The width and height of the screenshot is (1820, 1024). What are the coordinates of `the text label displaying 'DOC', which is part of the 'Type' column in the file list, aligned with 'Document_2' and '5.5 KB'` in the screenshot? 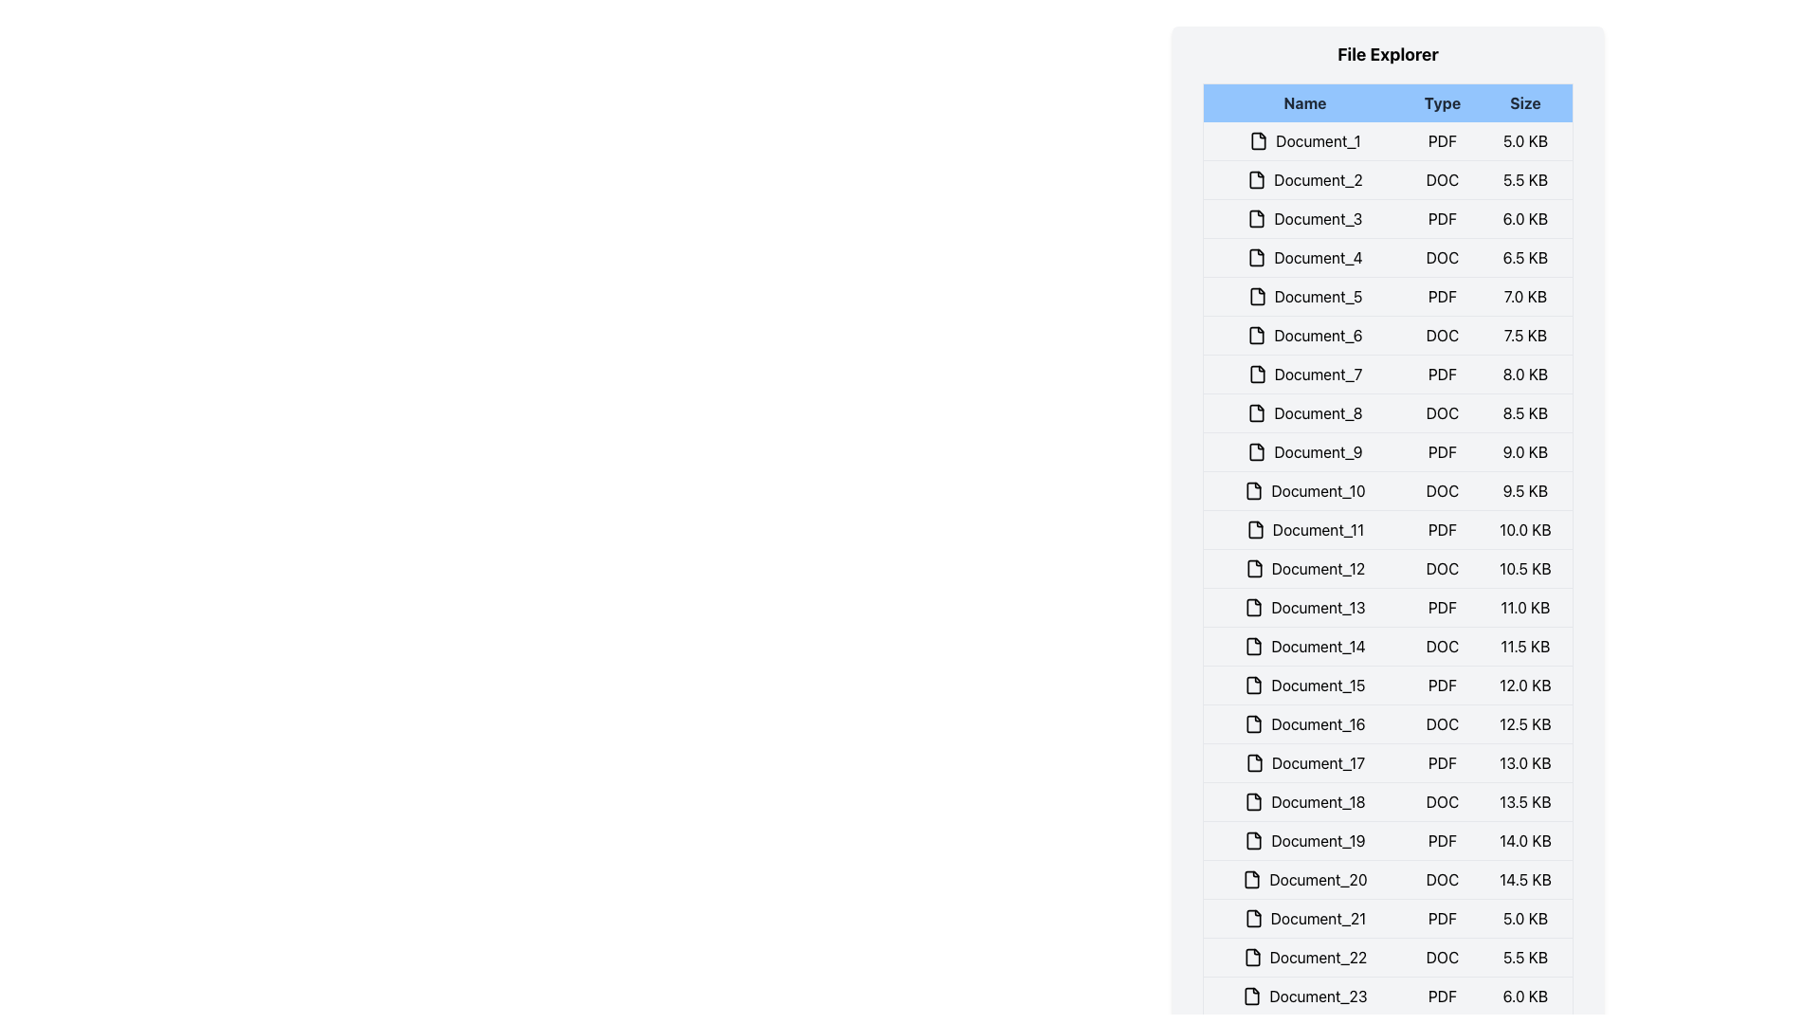 It's located at (1441, 179).